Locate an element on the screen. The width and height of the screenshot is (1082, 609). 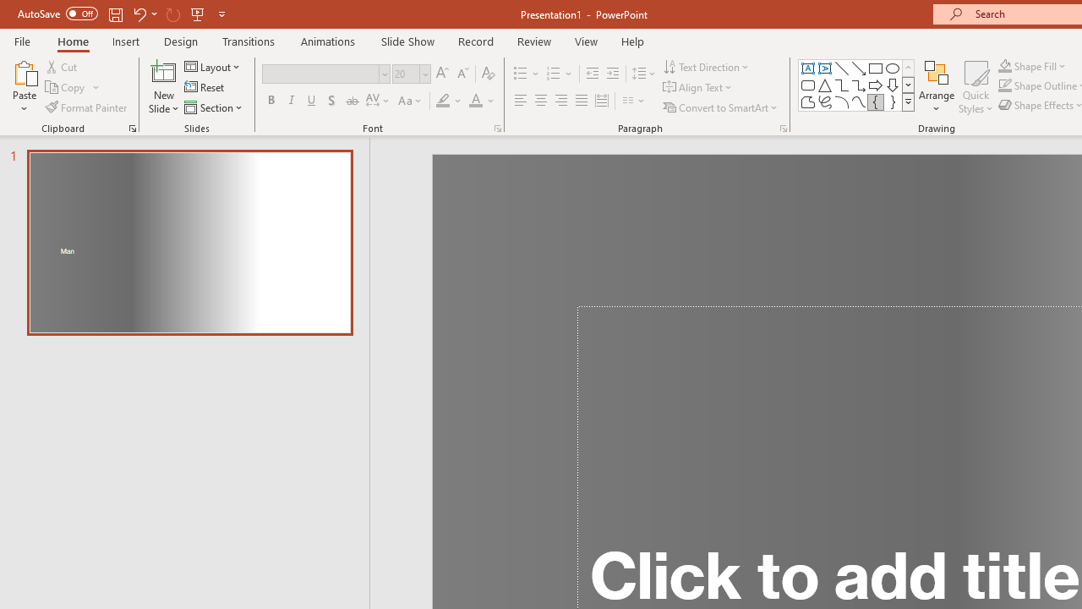
'Copy' is located at coordinates (66, 87).